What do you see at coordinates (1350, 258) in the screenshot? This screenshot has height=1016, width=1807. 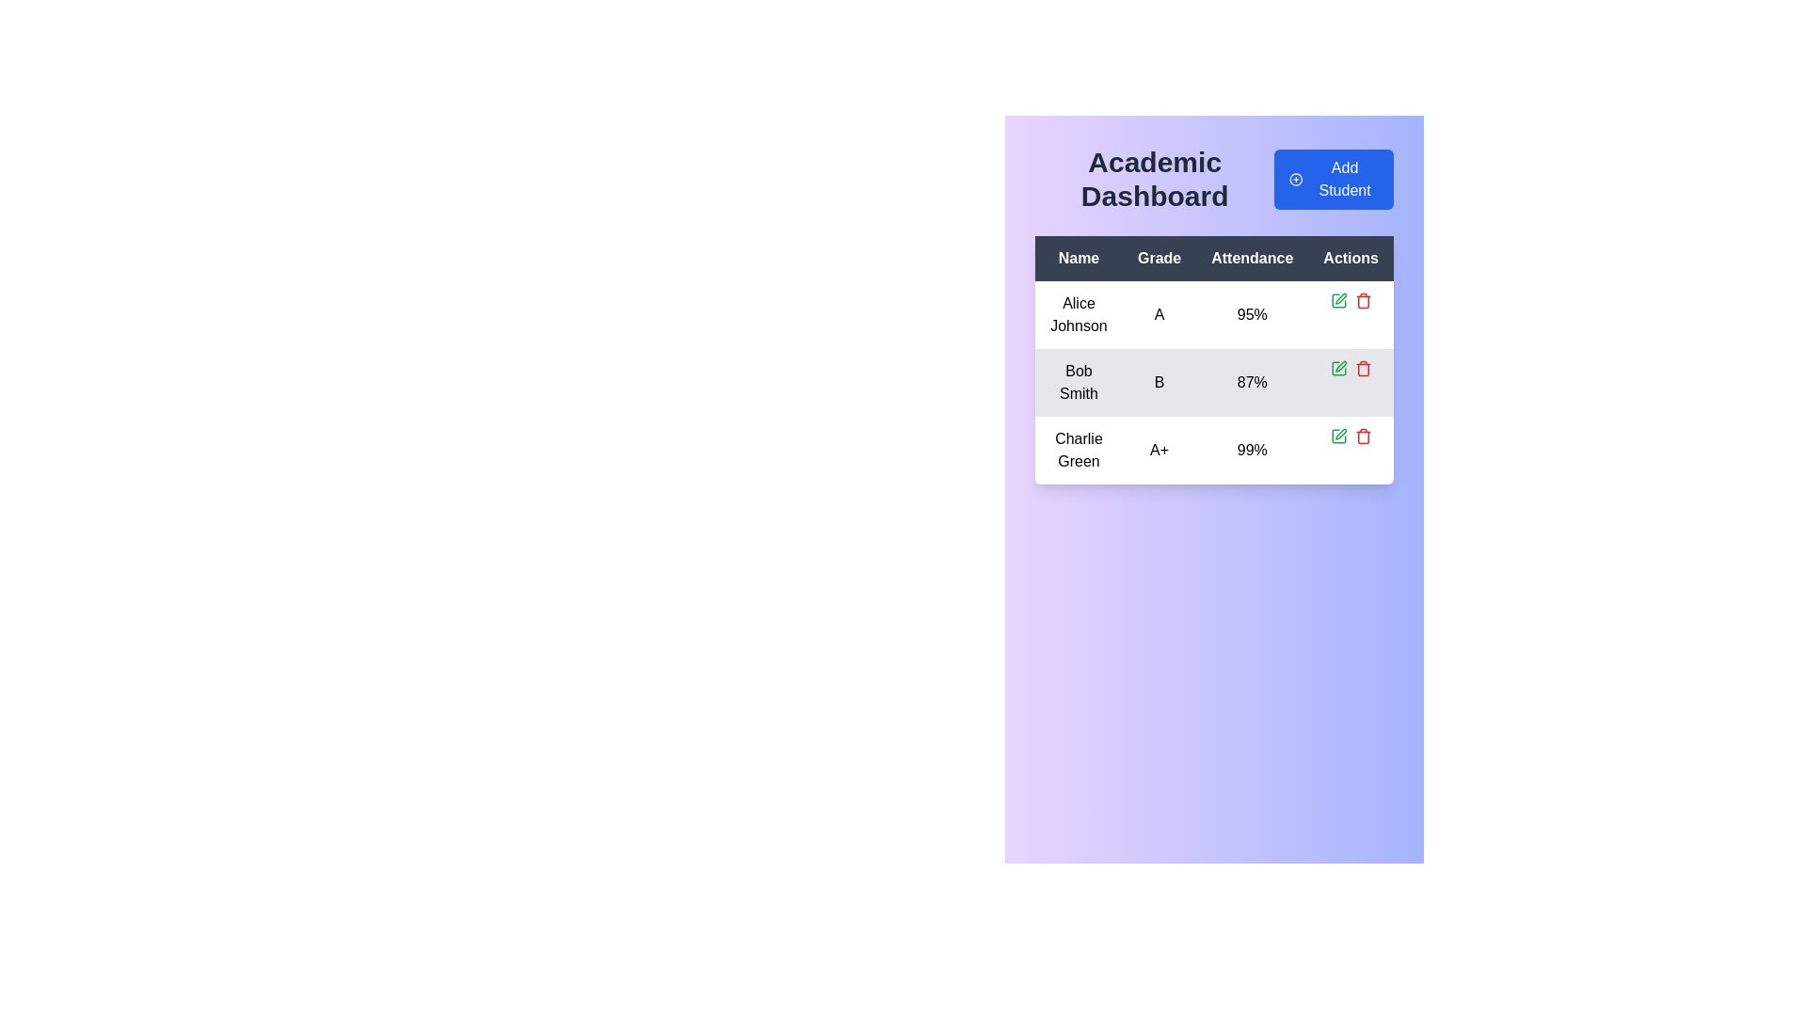 I see `the header labeled 'Actions', which is the fourth header in a table with a dark background and white bold text, positioned to the right of 'Attendance'` at bounding box center [1350, 258].